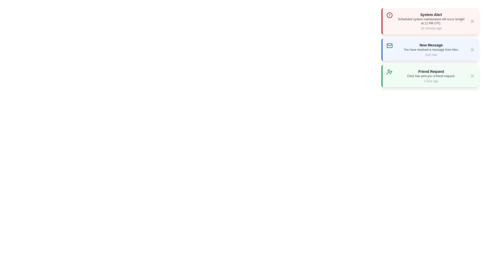  I want to click on the 'X' icon button located at the top-right corner of the 'System Alert' notification block for accessibility purposes, so click(472, 21).